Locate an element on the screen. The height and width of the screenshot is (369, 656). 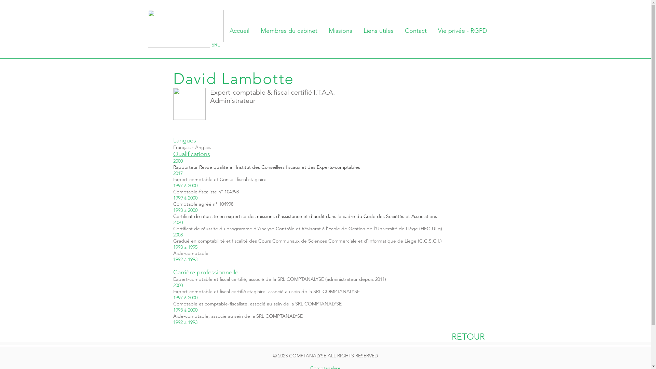
'Accueil' is located at coordinates (223, 31).